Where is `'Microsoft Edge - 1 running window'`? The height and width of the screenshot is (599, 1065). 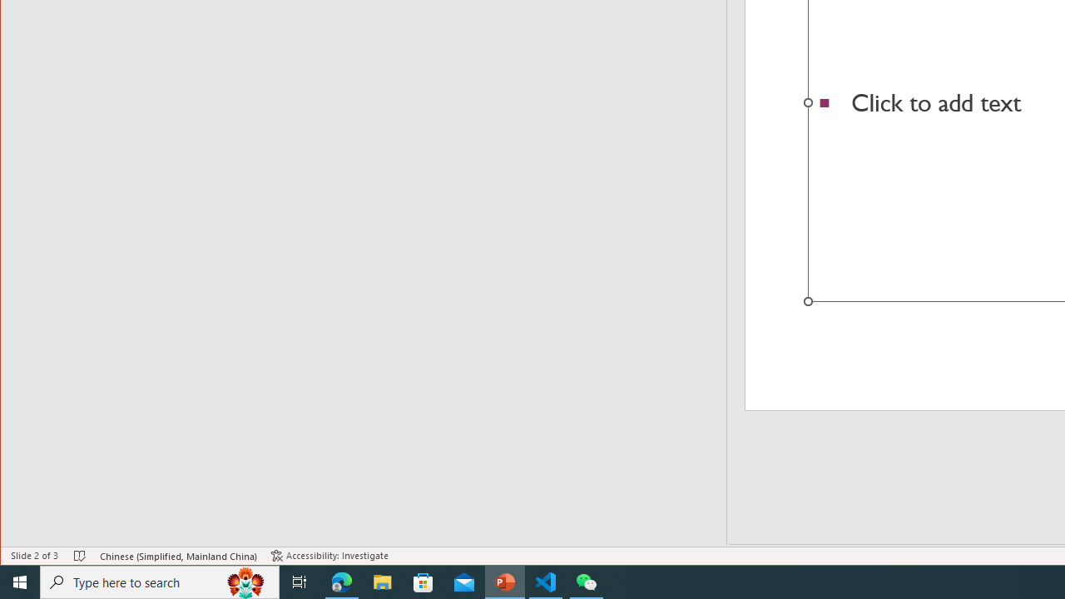 'Microsoft Edge - 1 running window' is located at coordinates (341, 581).